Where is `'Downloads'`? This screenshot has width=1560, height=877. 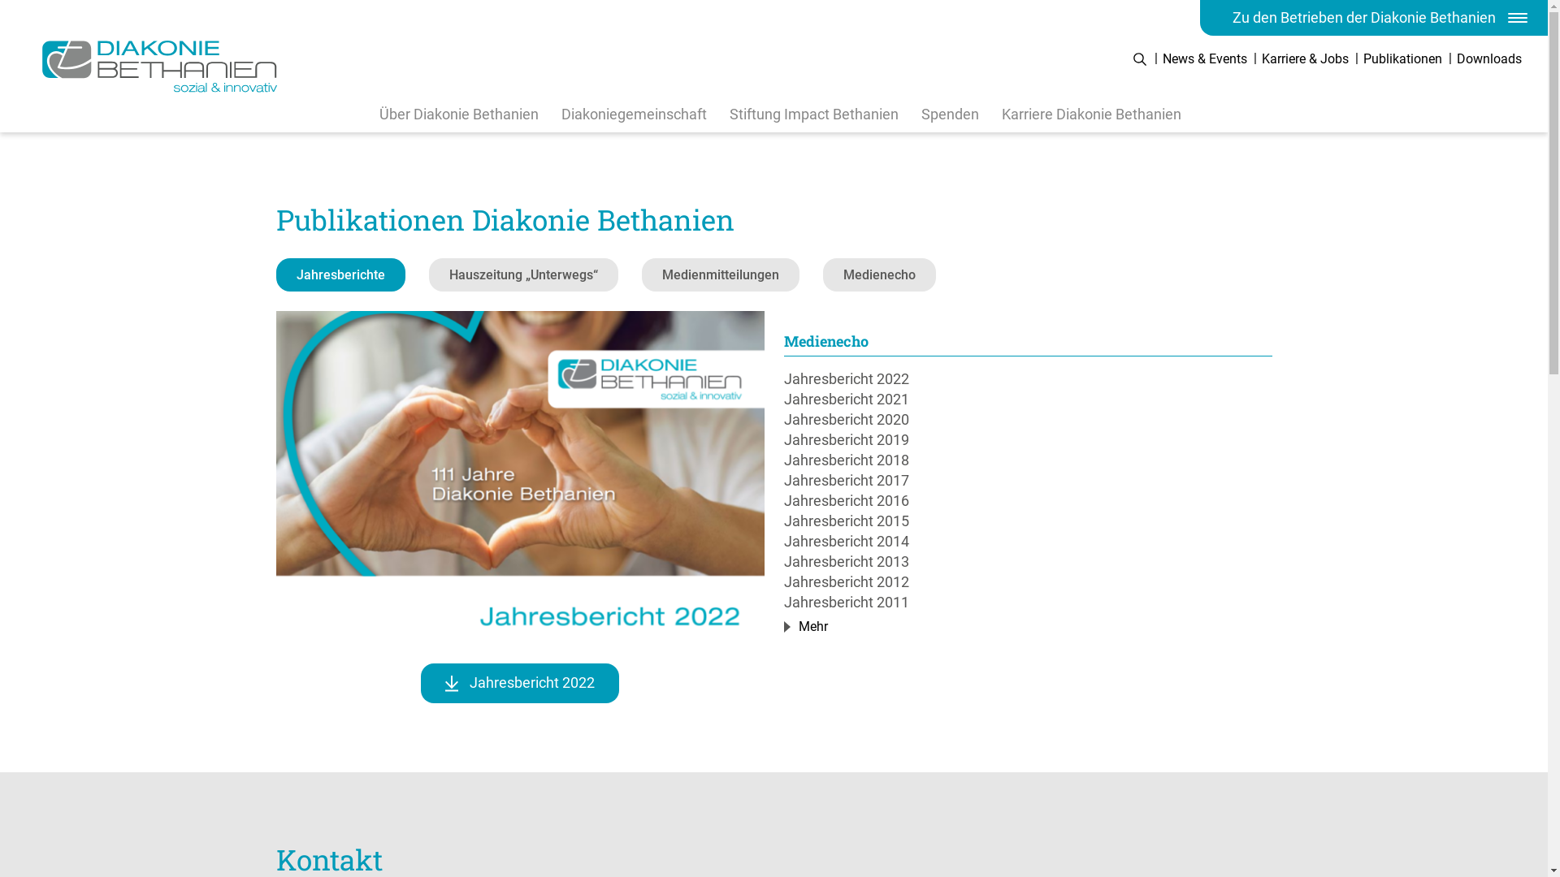
'Downloads' is located at coordinates (1489, 58).